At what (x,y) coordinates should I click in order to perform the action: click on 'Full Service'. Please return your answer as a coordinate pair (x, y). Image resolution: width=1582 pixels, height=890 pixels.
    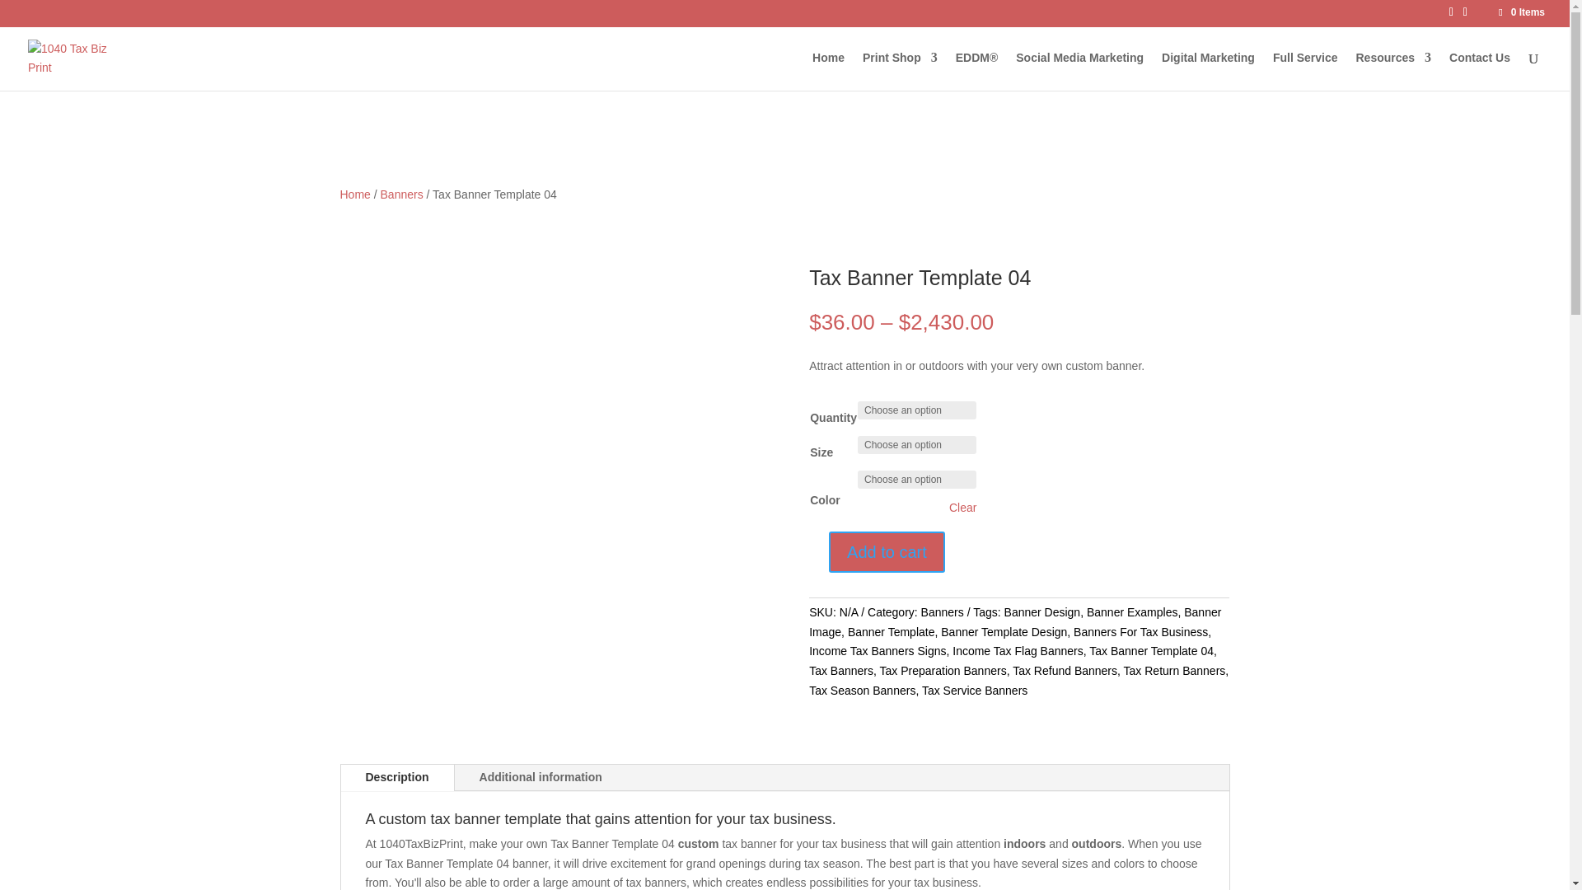
    Looking at the image, I should click on (1304, 70).